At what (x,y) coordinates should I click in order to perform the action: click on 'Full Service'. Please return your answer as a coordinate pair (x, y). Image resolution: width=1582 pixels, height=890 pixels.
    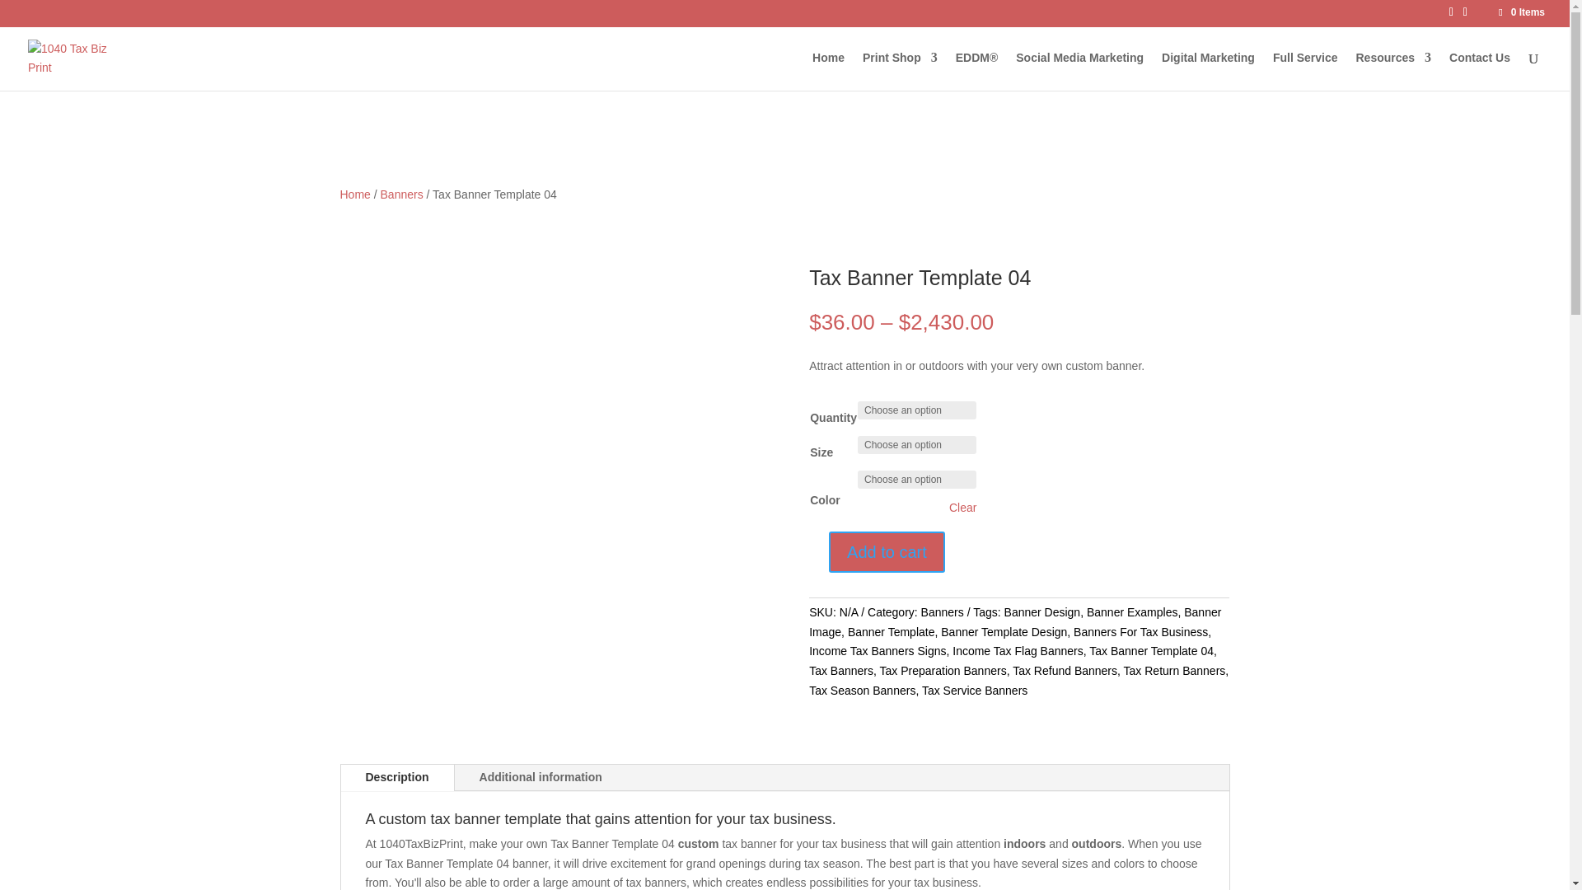
    Looking at the image, I should click on (1304, 70).